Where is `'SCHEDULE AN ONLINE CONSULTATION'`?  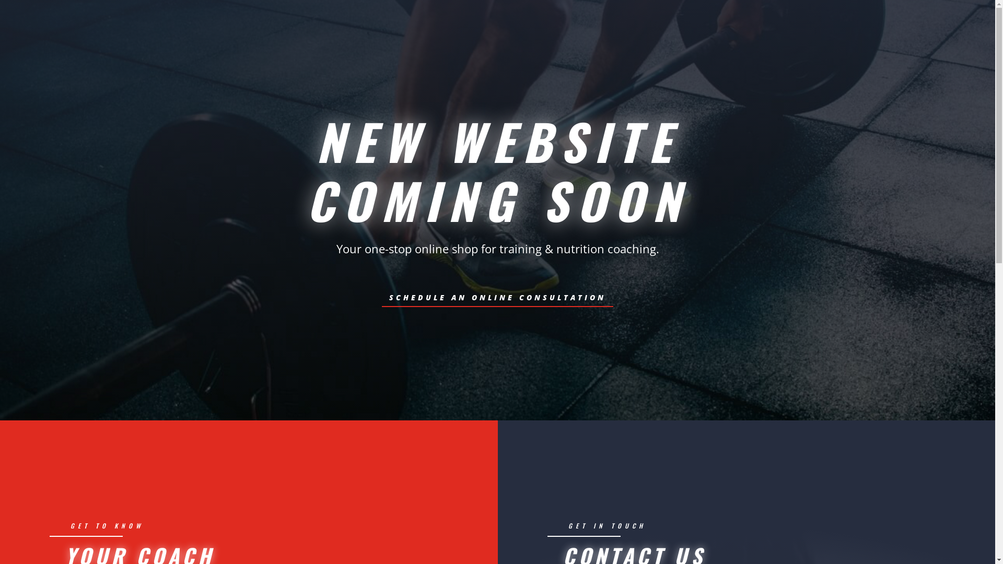 'SCHEDULE AN ONLINE CONSULTATION' is located at coordinates (497, 298).